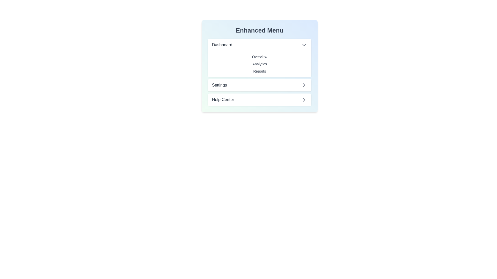 Image resolution: width=497 pixels, height=279 pixels. Describe the element at coordinates (260, 58) in the screenshot. I see `the 'Dashboard' collapsible menu section` at that location.